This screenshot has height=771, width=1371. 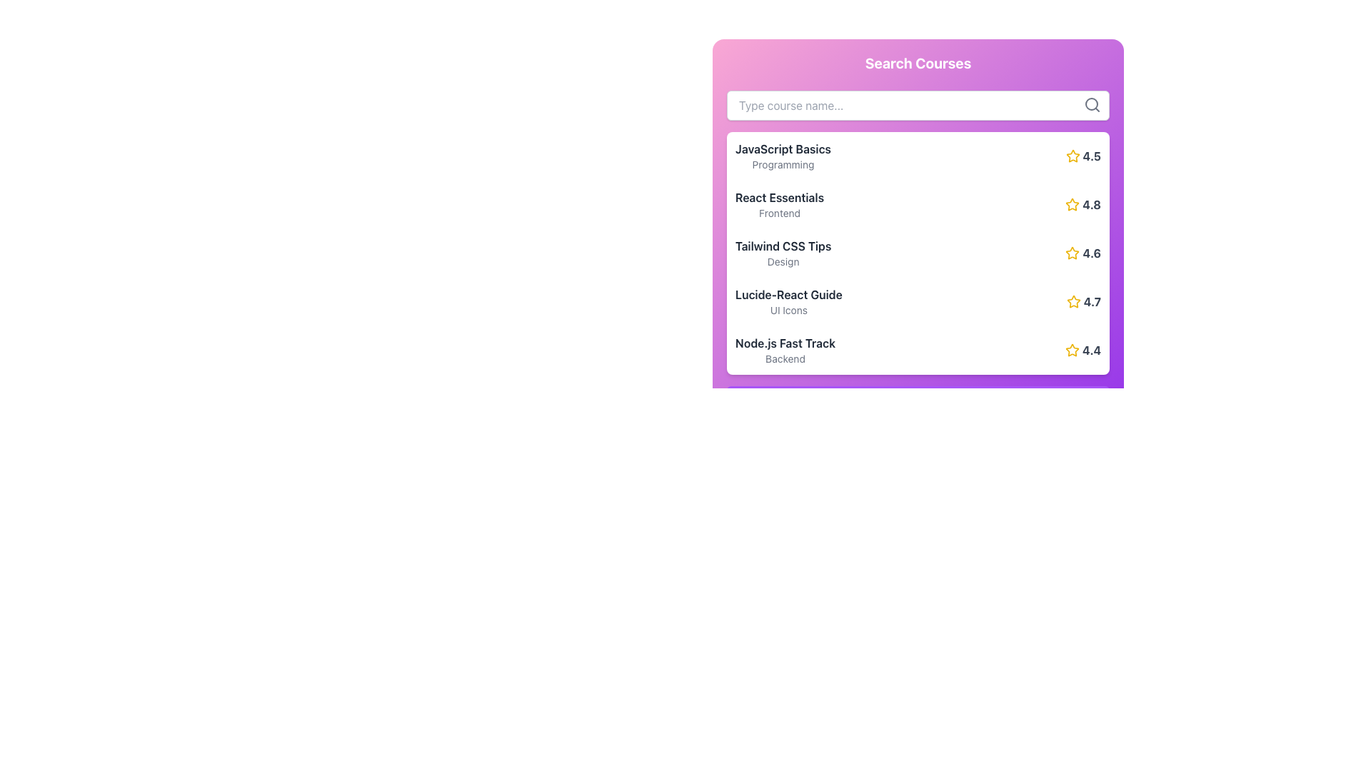 What do you see at coordinates (1073, 204) in the screenshot?
I see `the star icon representing the rating for the 'React Essentials' course` at bounding box center [1073, 204].